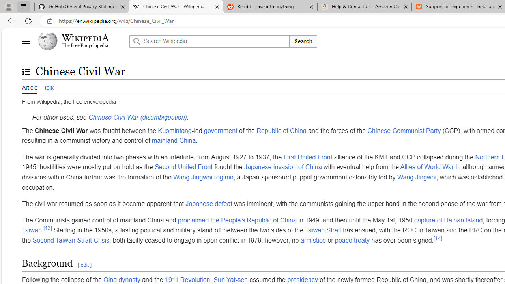  Describe the element at coordinates (30, 86) in the screenshot. I see `'Article'` at that location.